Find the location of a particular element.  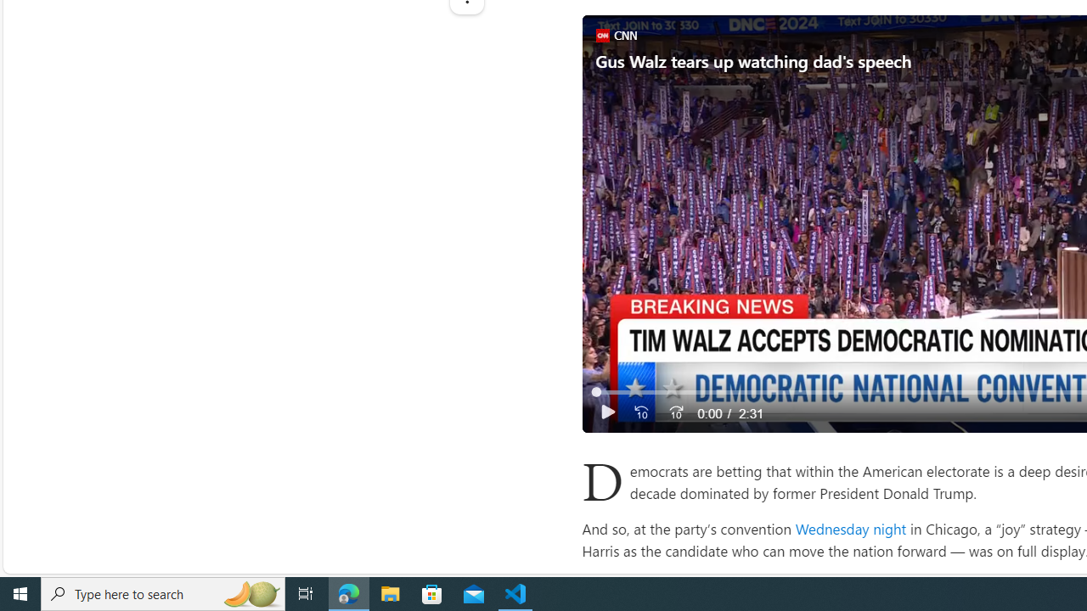

'Play' is located at coordinates (607, 412).